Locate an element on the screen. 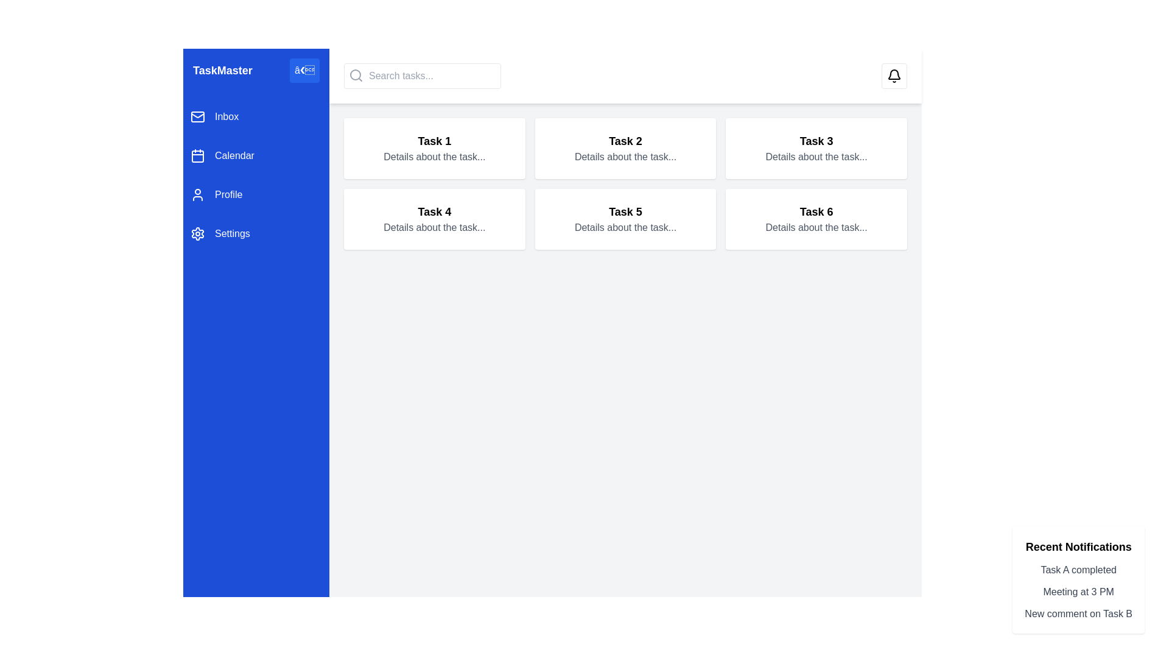 This screenshot has width=1169, height=658. the task summary card for 'Task 5' in the task management interface, located in the second row and second column of the grid layout is located at coordinates (625, 218).